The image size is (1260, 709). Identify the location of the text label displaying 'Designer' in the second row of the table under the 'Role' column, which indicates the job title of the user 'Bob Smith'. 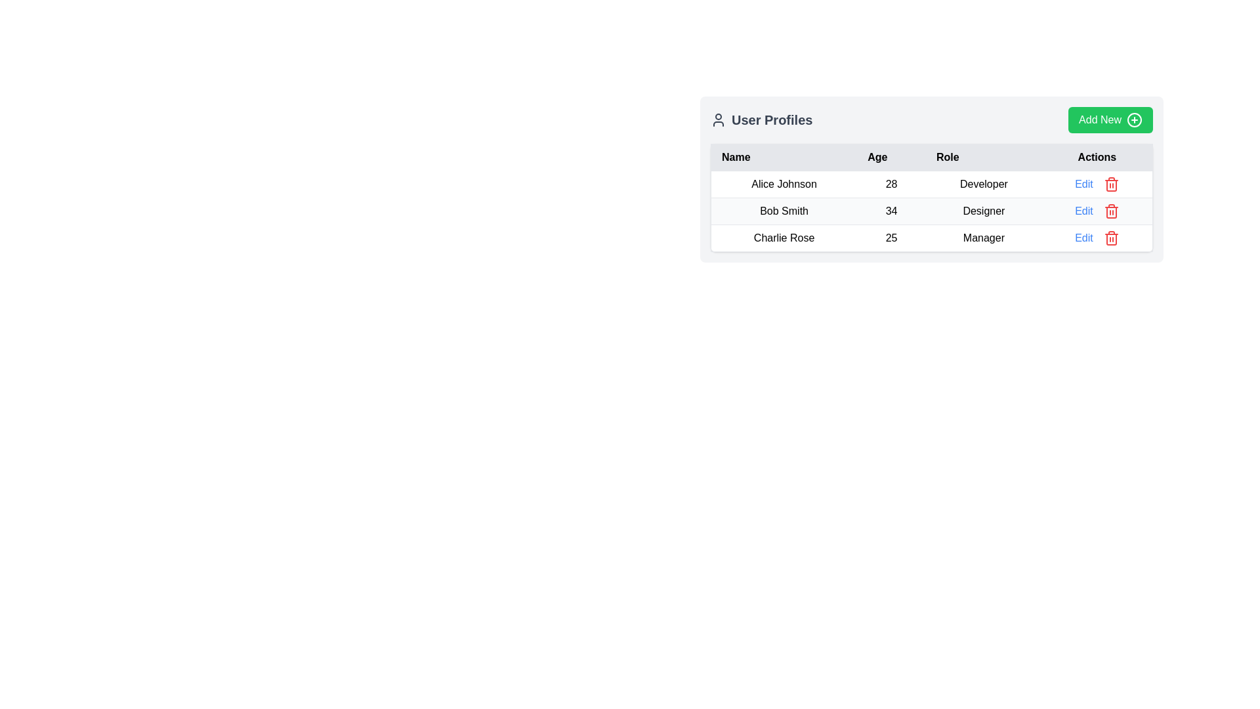
(984, 210).